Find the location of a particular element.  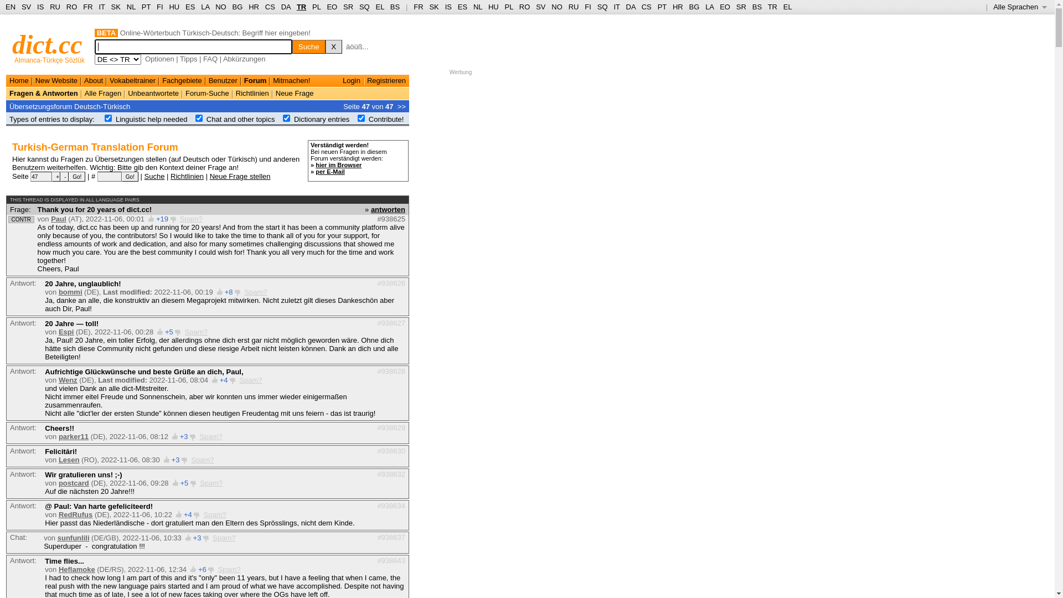

'DA' is located at coordinates (626, 7).